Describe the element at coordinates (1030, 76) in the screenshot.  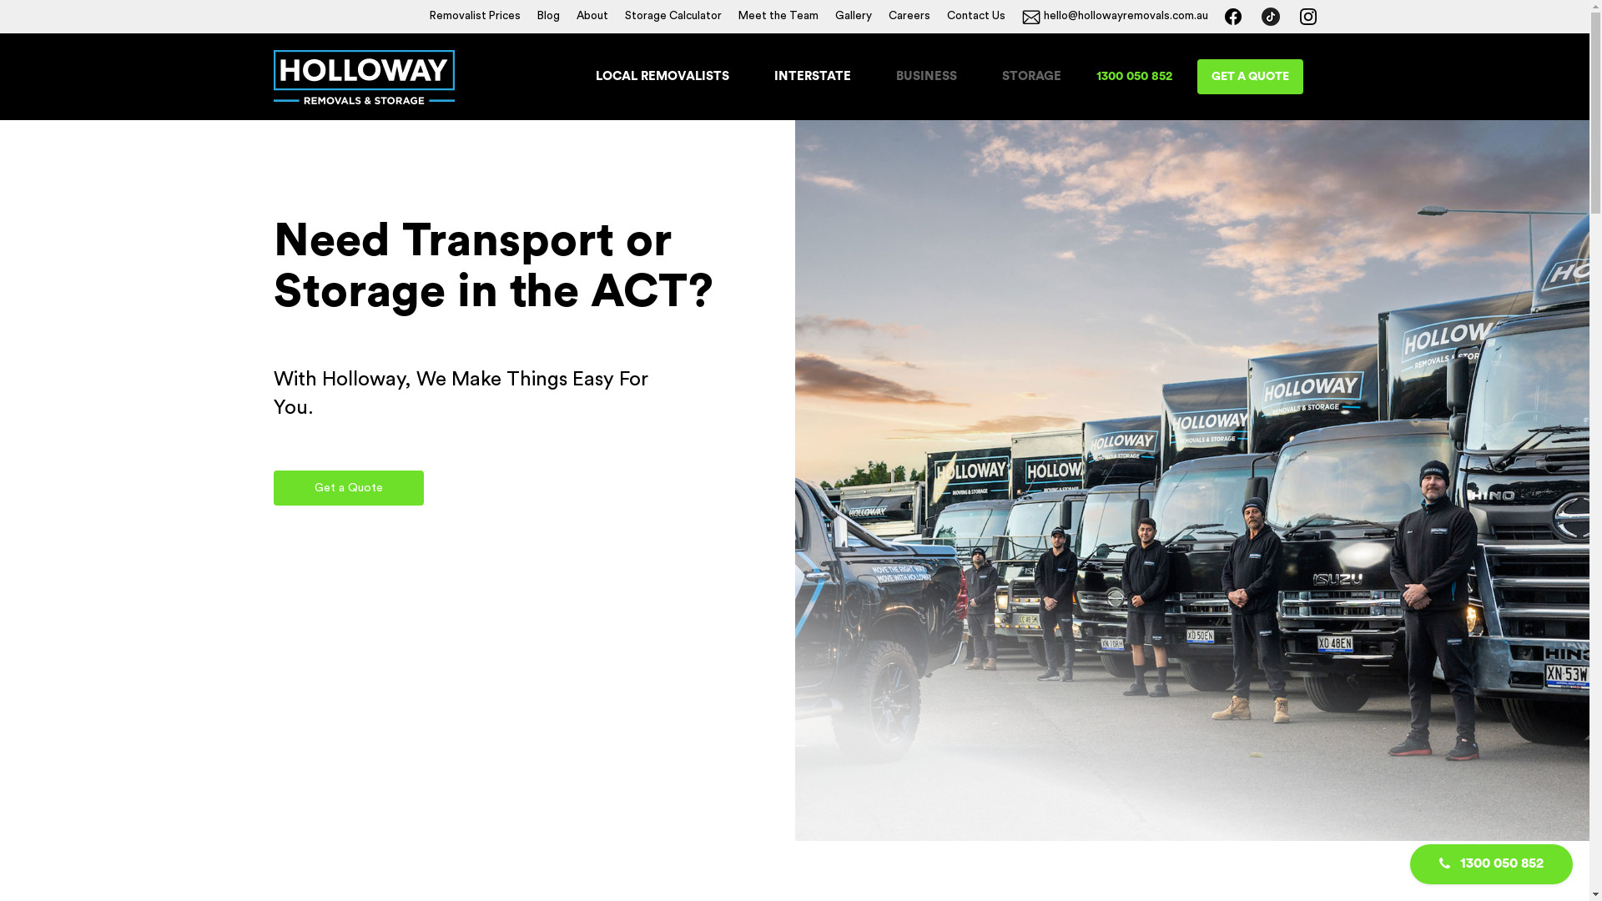
I see `'STORAGE'` at that location.